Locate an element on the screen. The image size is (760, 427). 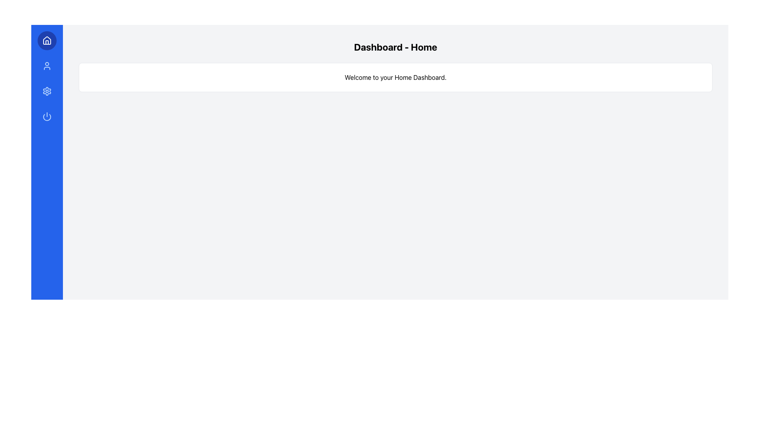
the Text Label that serves as the title or header for the current page, which is centrally aligned at the top of the main content area is located at coordinates (395, 47).